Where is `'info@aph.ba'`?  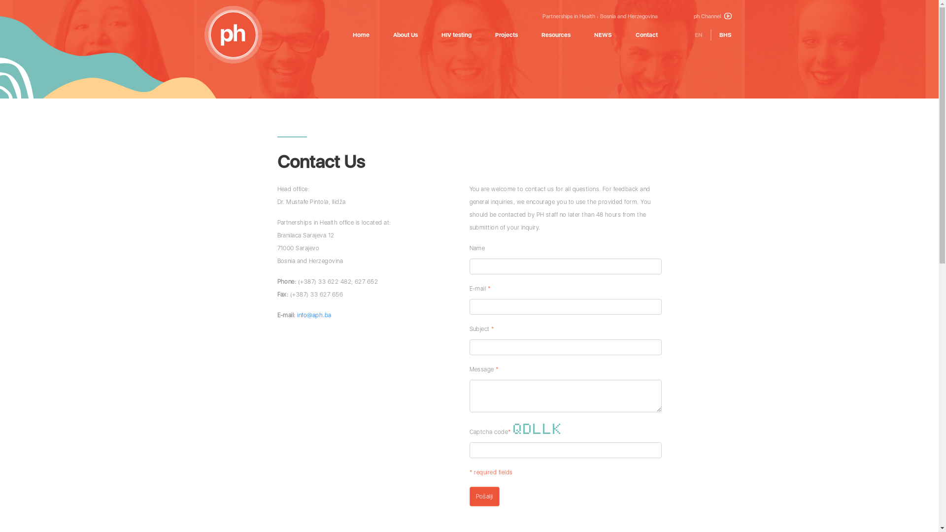 'info@aph.ba' is located at coordinates (313, 315).